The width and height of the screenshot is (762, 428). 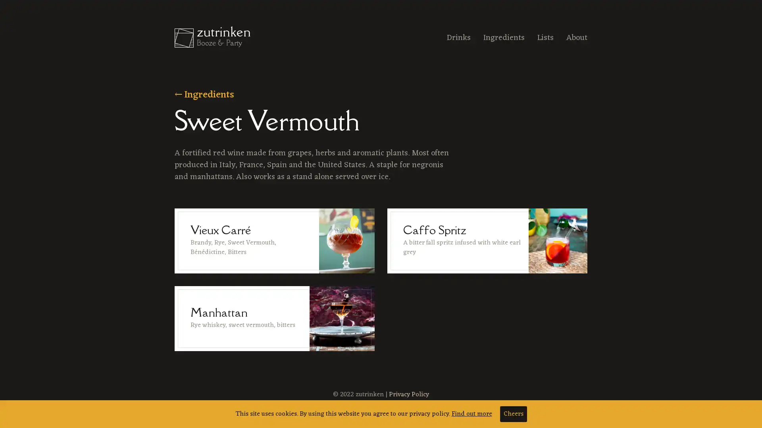 What do you see at coordinates (513, 414) in the screenshot?
I see `Cheers` at bounding box center [513, 414].